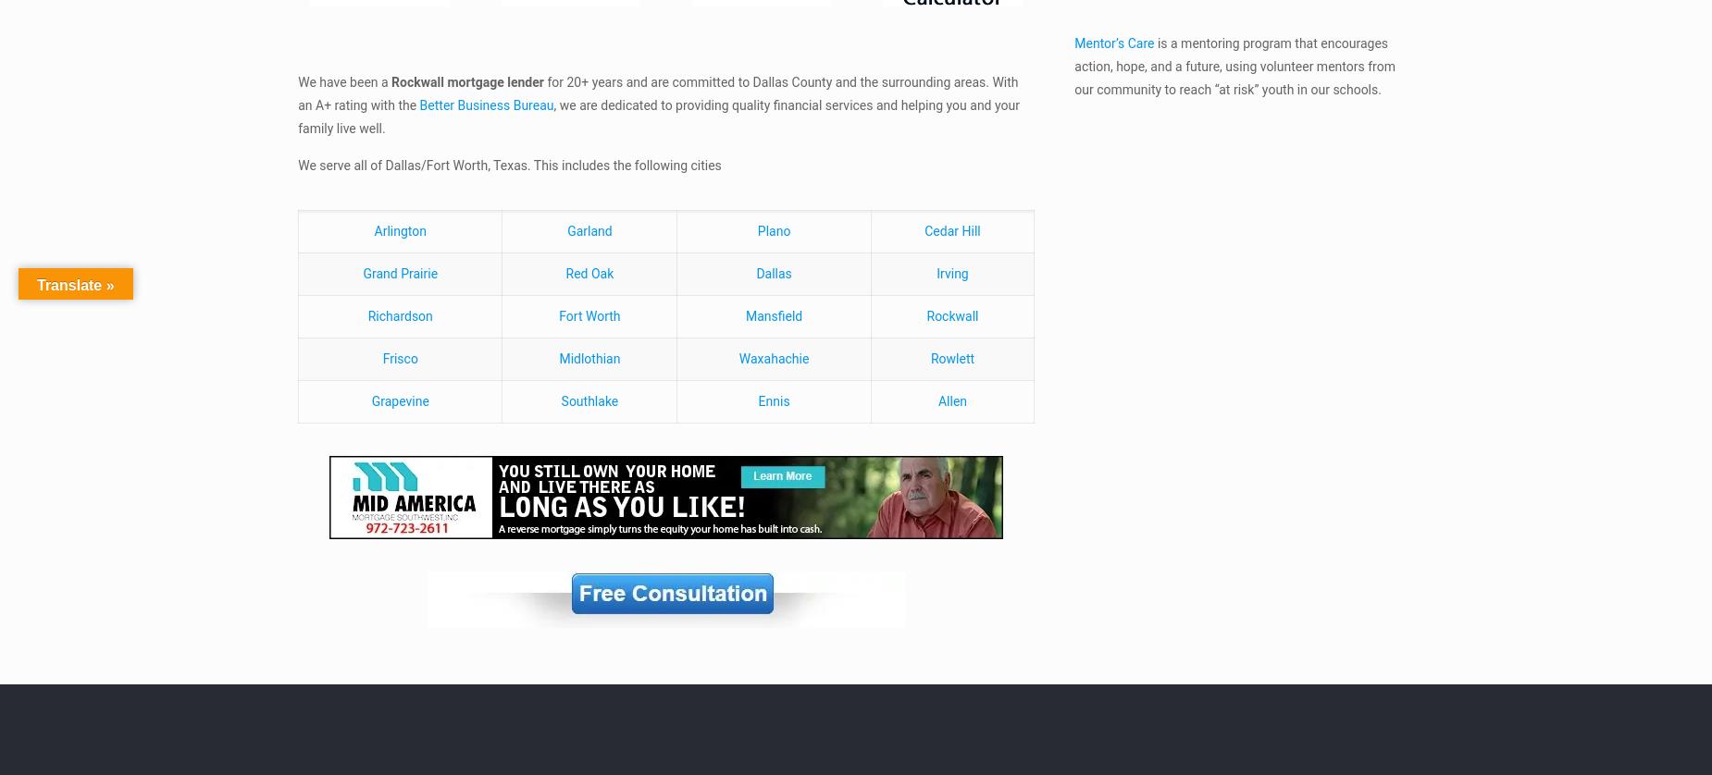 The image size is (1712, 775). I want to click on 'for 20+ years and are committed to Dallas County and the surrounding areas. With an A+ rating with the', so click(297, 92).